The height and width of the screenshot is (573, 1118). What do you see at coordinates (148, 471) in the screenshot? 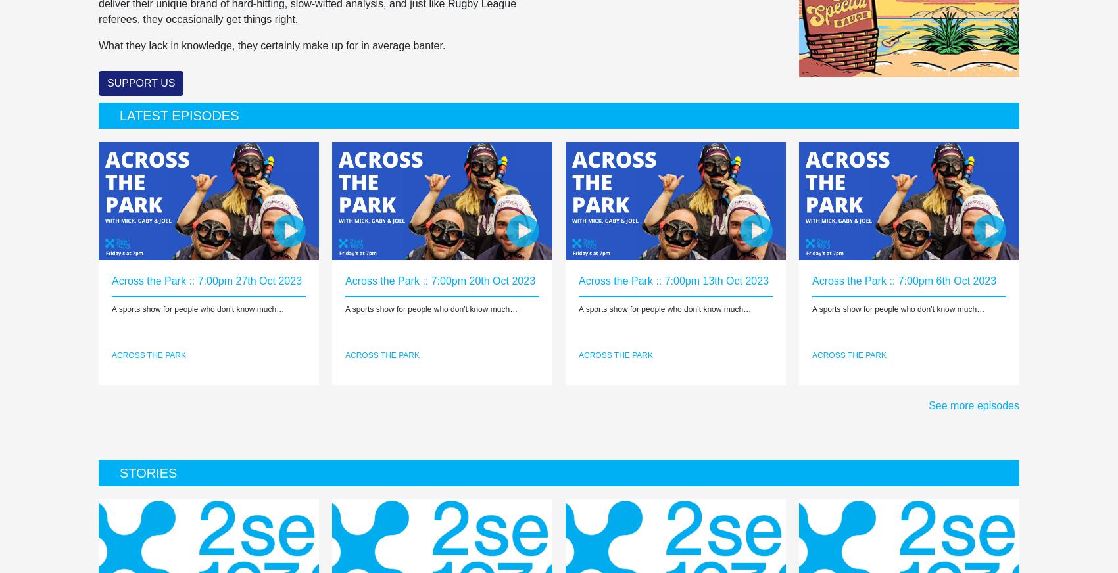
I see `'Stories'` at bounding box center [148, 471].